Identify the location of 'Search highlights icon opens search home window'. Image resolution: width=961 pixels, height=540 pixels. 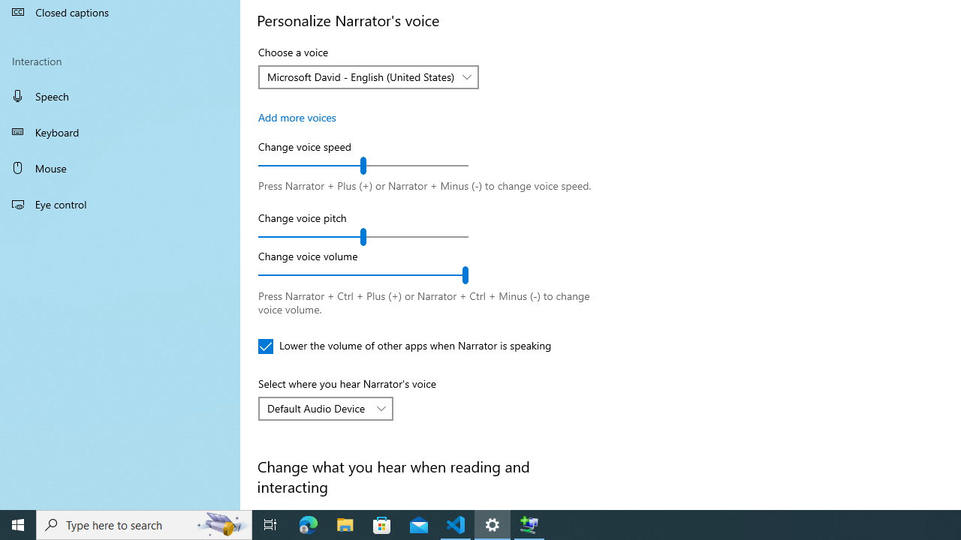
(221, 523).